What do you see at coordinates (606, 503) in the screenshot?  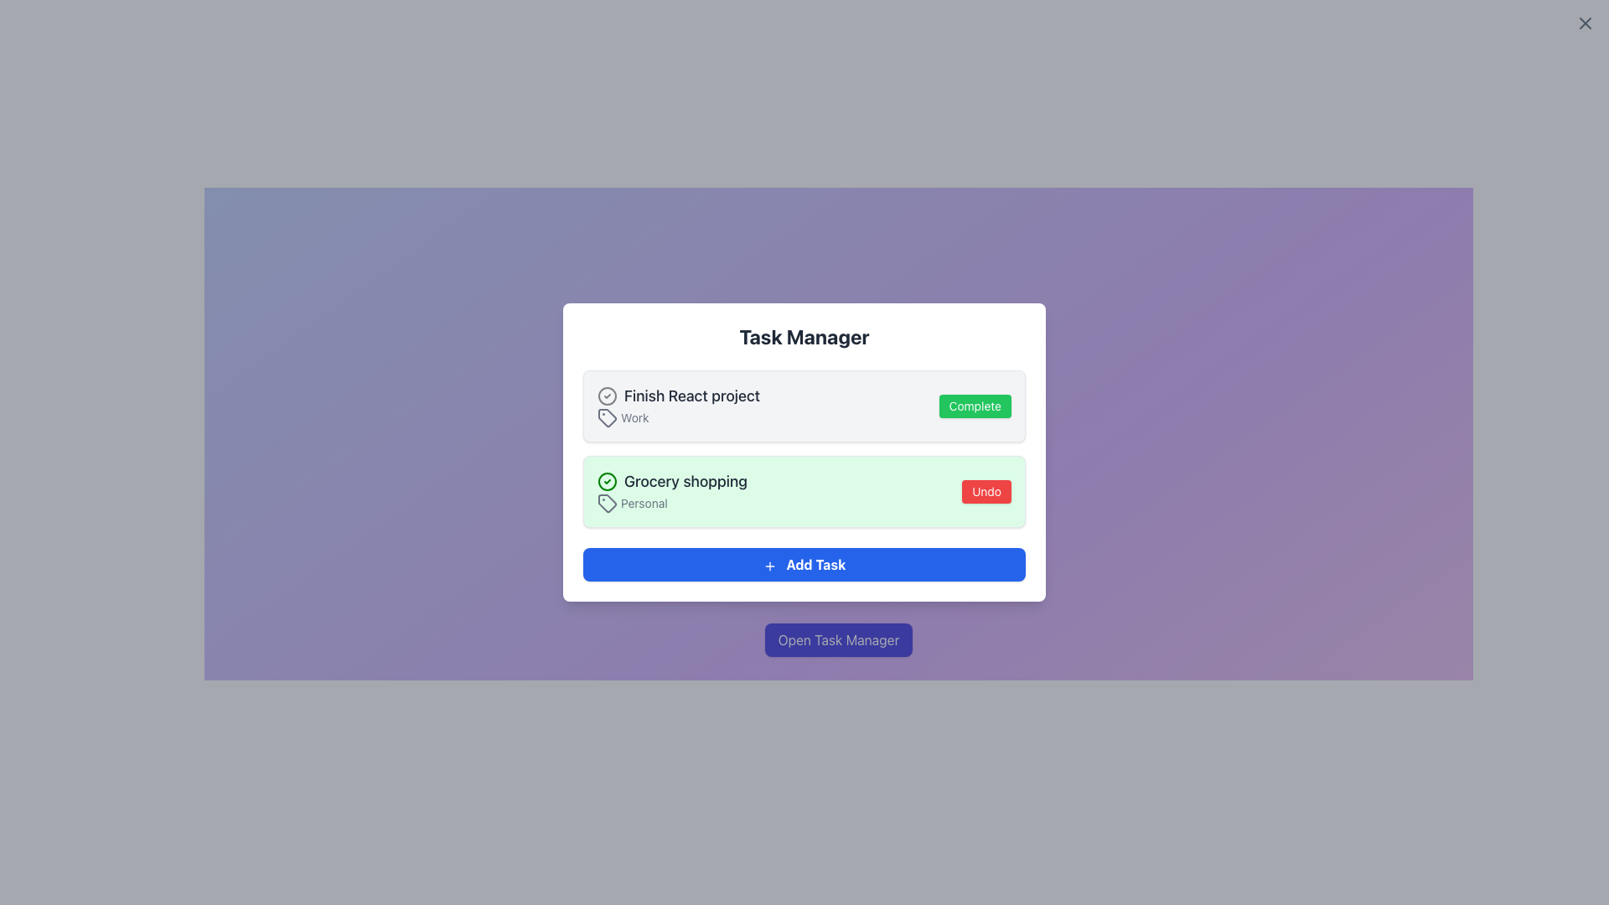 I see `the visual tag icon located to the left of the text 'Personal' in the second task entry for 'Grocery shopping'` at bounding box center [606, 503].